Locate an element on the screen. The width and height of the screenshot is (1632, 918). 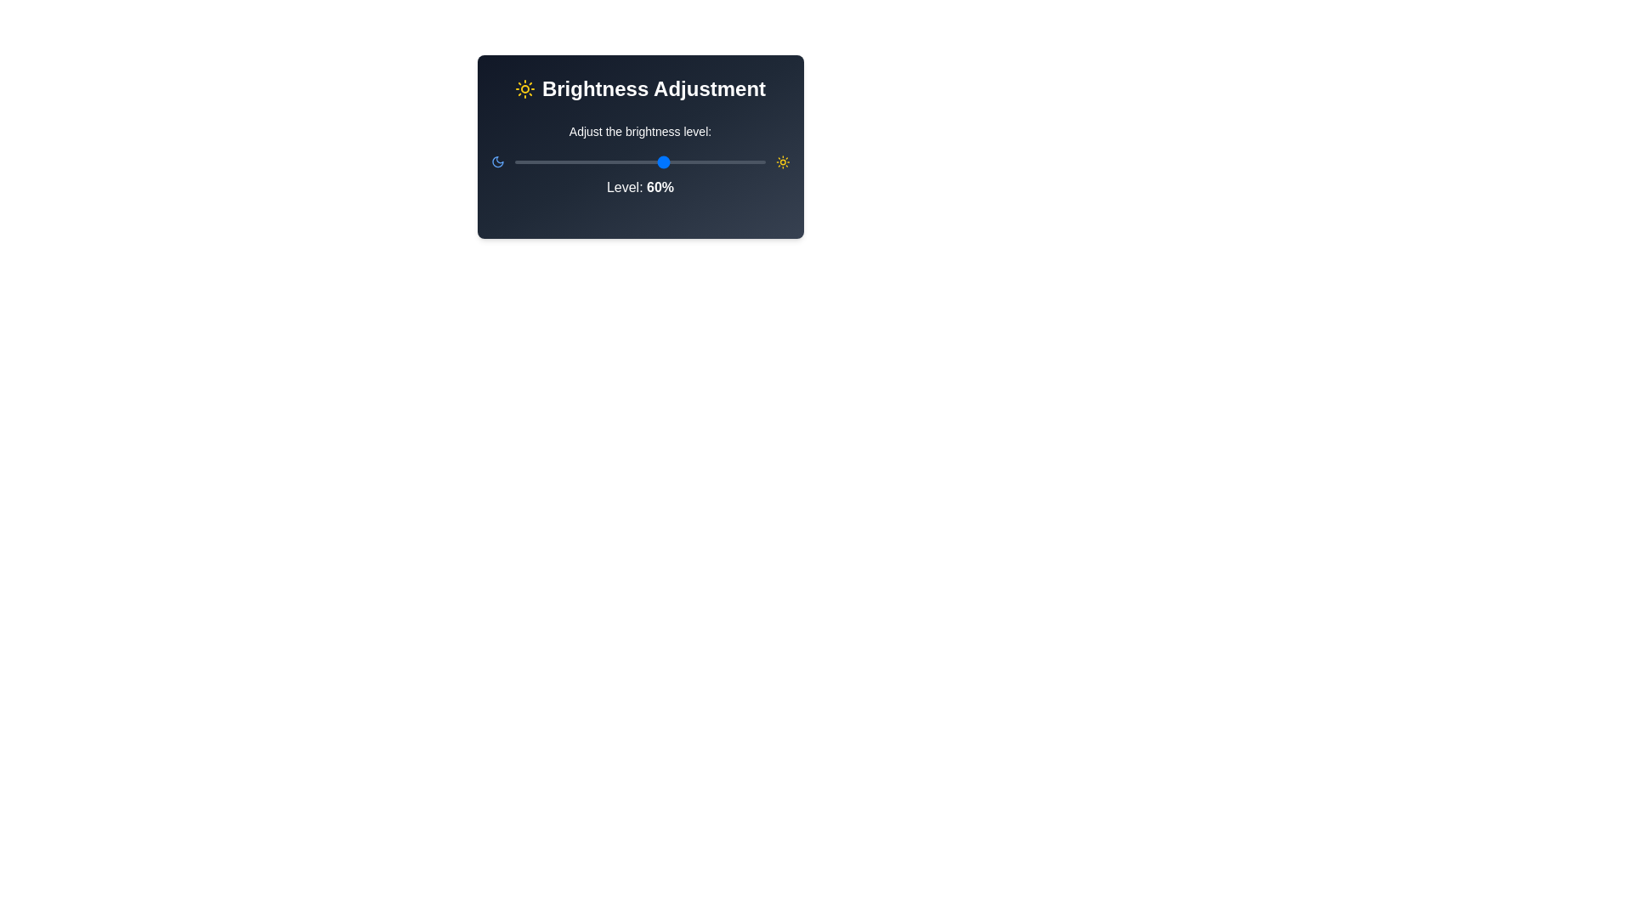
the slider track located horizontally between the 'Adjust the brightness level:' label and the 'Level: 60%' label to move the handle to a new position is located at coordinates (639, 162).